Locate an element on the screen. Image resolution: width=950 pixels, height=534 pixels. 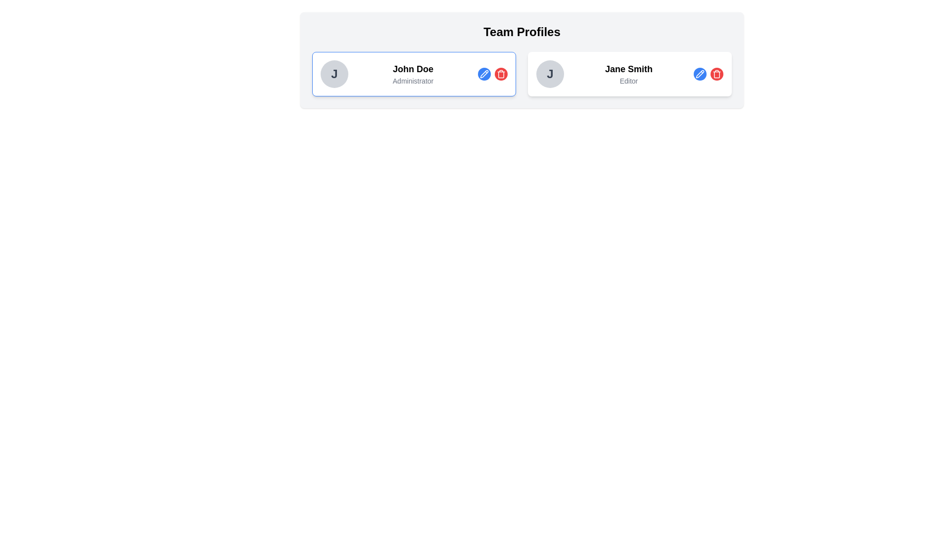
the text block that identifies the user 'Jane Smith' as 'Editor' within her profile card, located in the second card of the horizontally aligned list of user profiles is located at coordinates (628, 74).